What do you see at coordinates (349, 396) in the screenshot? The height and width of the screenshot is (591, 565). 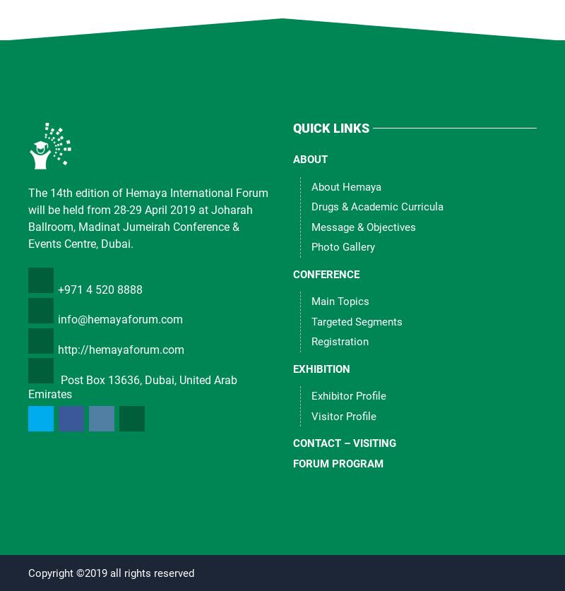 I see `'Exhibitor Profile'` at bounding box center [349, 396].